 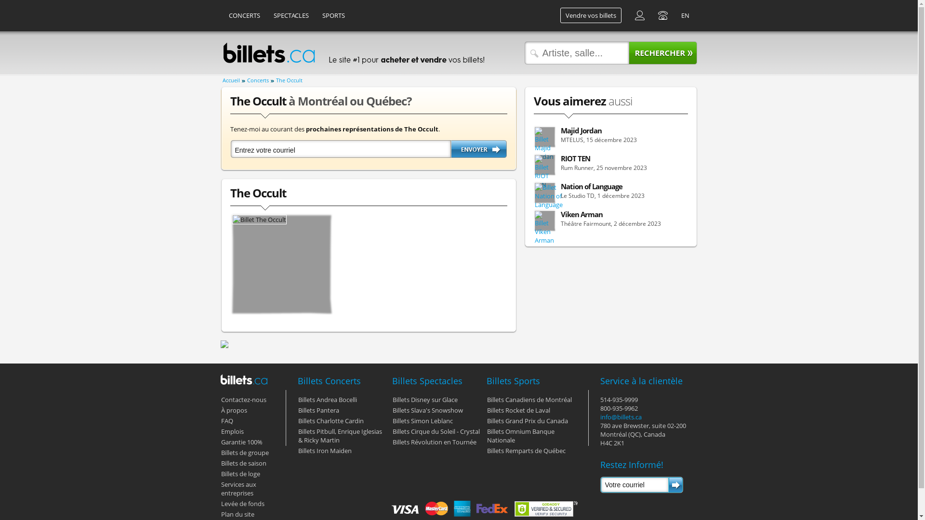 I want to click on 'SPORTS', so click(x=316, y=15).